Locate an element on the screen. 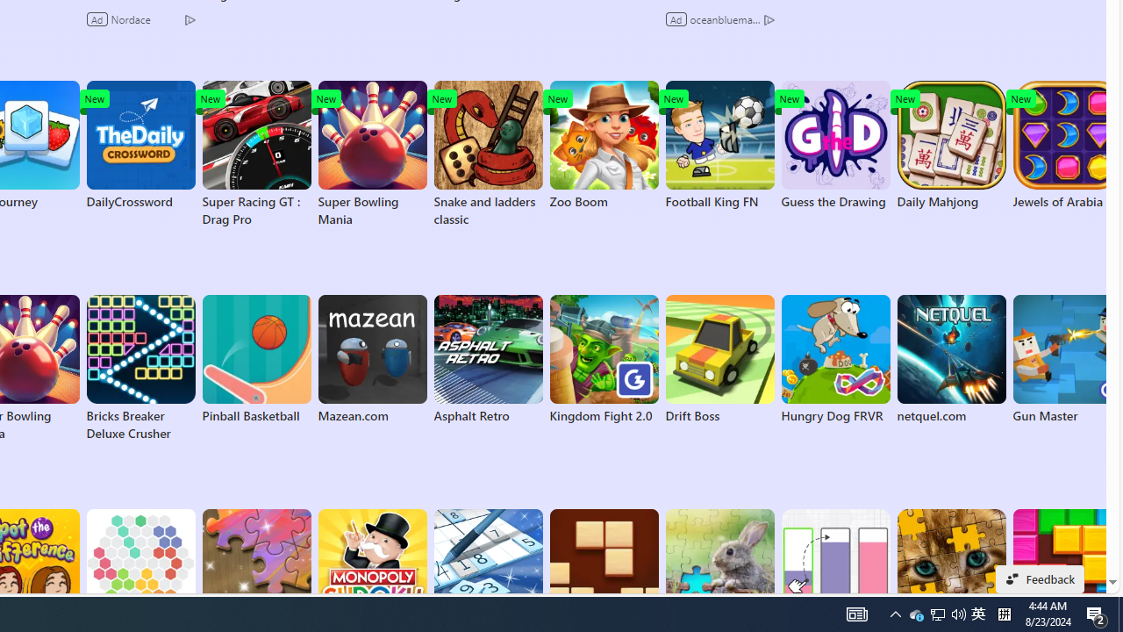 The image size is (1123, 632). 'Snake and ladders classic' is located at coordinates (488, 154).